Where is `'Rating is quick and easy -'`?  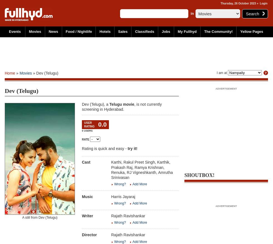 'Rating is quick and easy -' is located at coordinates (105, 148).